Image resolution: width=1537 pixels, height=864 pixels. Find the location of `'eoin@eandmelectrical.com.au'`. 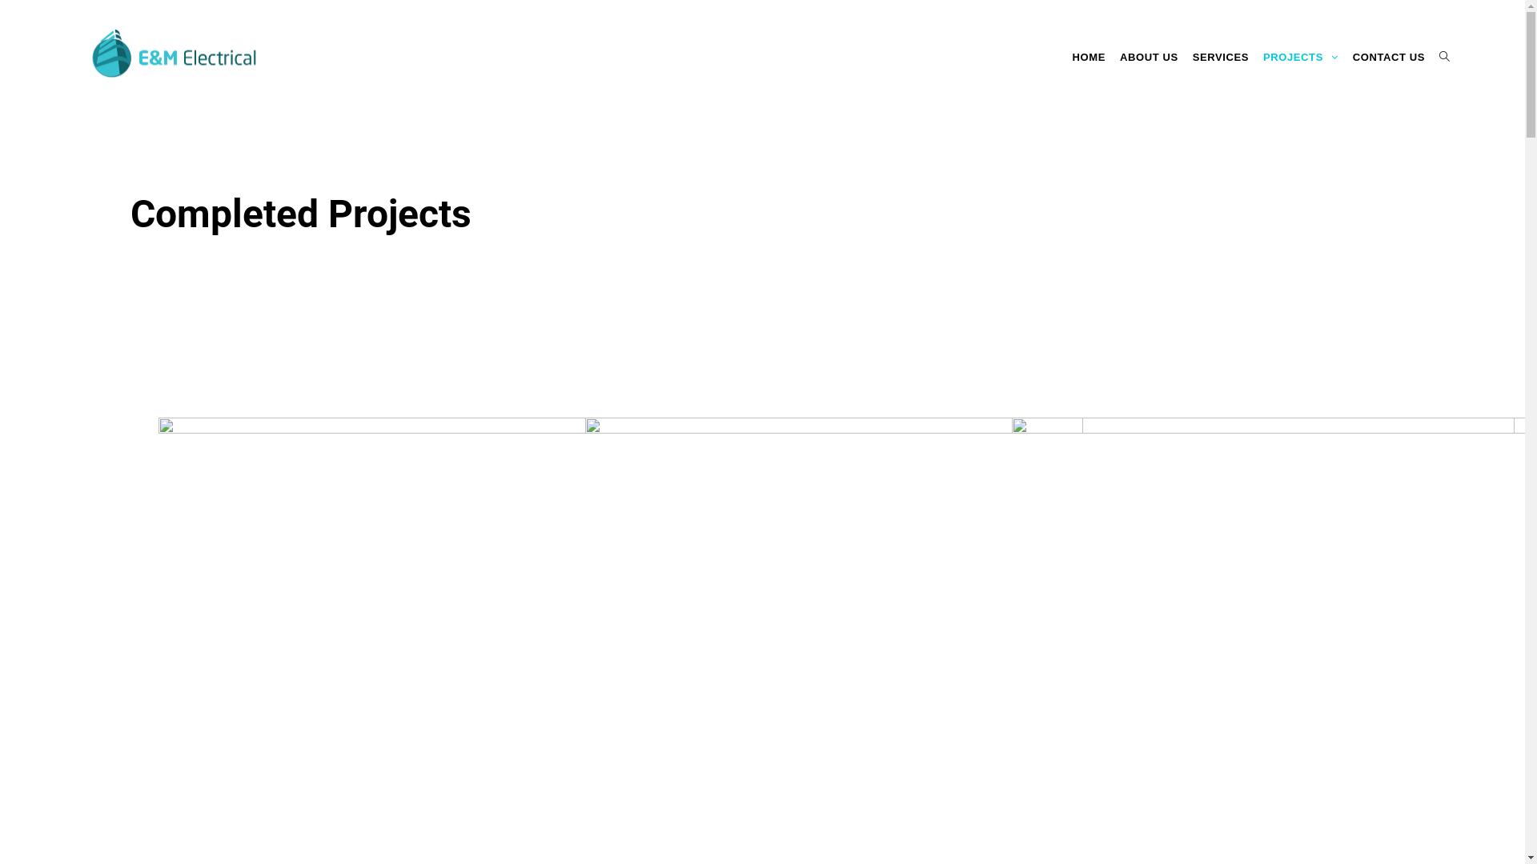

'eoin@eandmelectrical.com.au' is located at coordinates (544, 731).